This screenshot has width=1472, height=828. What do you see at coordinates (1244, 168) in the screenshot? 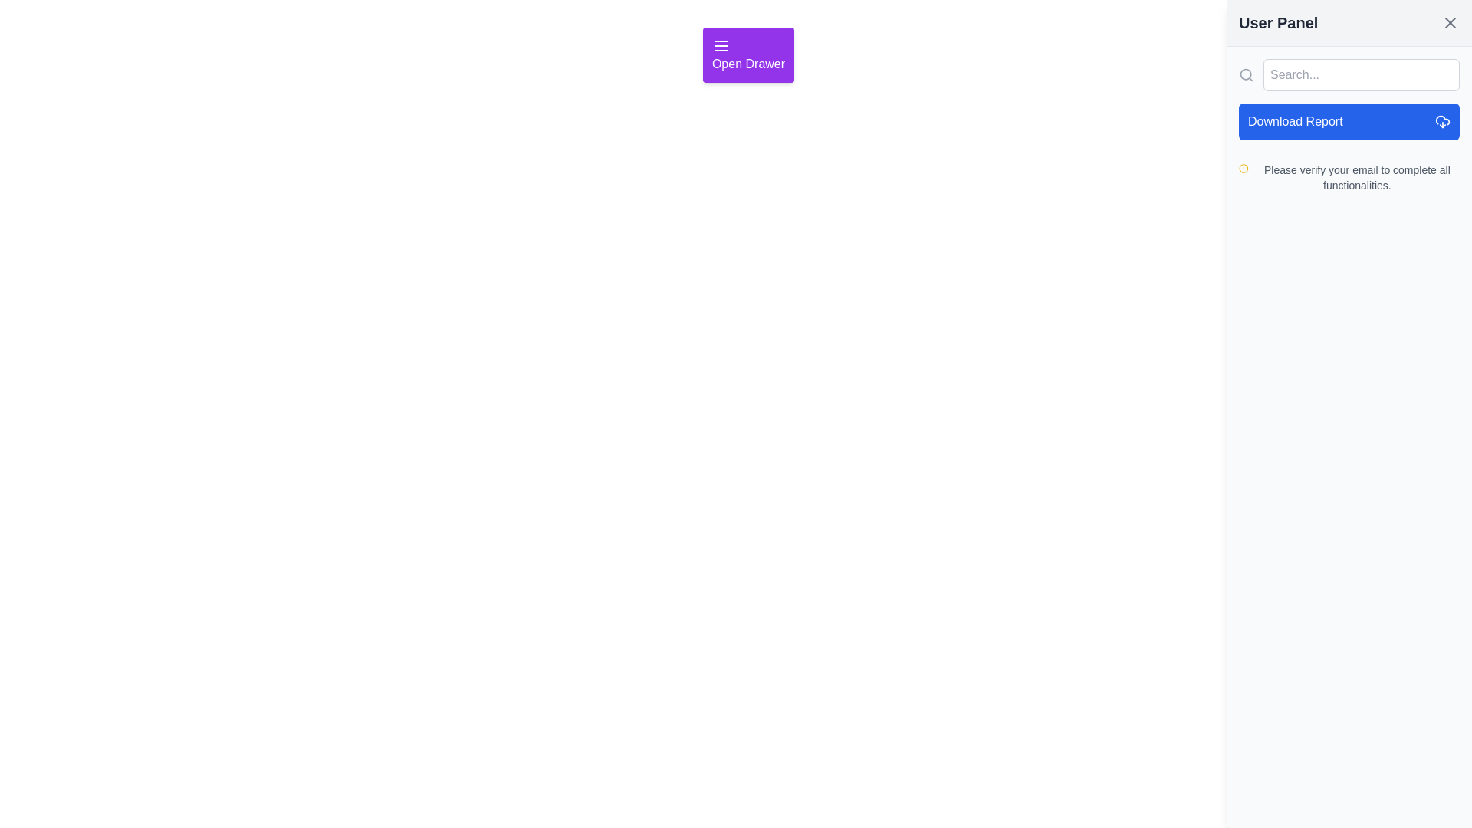
I see `the warning or alert icon associated with the notification message located at the start of the sentence 'Please verify your email to complete all functionalities.' in the right-side user panel` at bounding box center [1244, 168].